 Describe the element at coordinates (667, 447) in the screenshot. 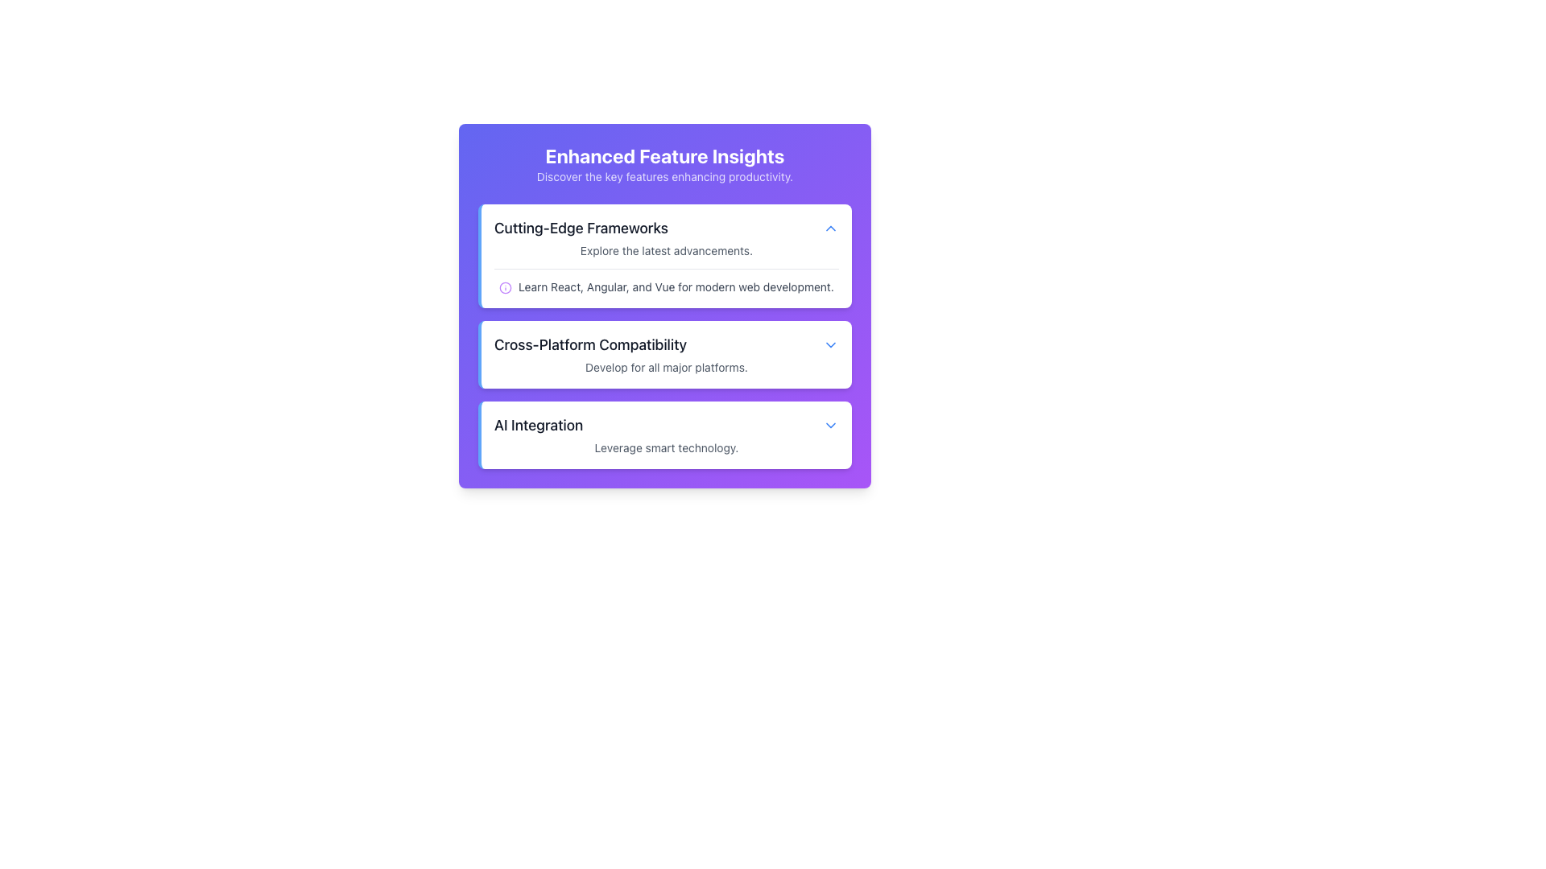

I see `the text label containing 'Leverage smart technology.', which is styled in small gray font and positioned centered below 'AI Integration' within a card` at that location.